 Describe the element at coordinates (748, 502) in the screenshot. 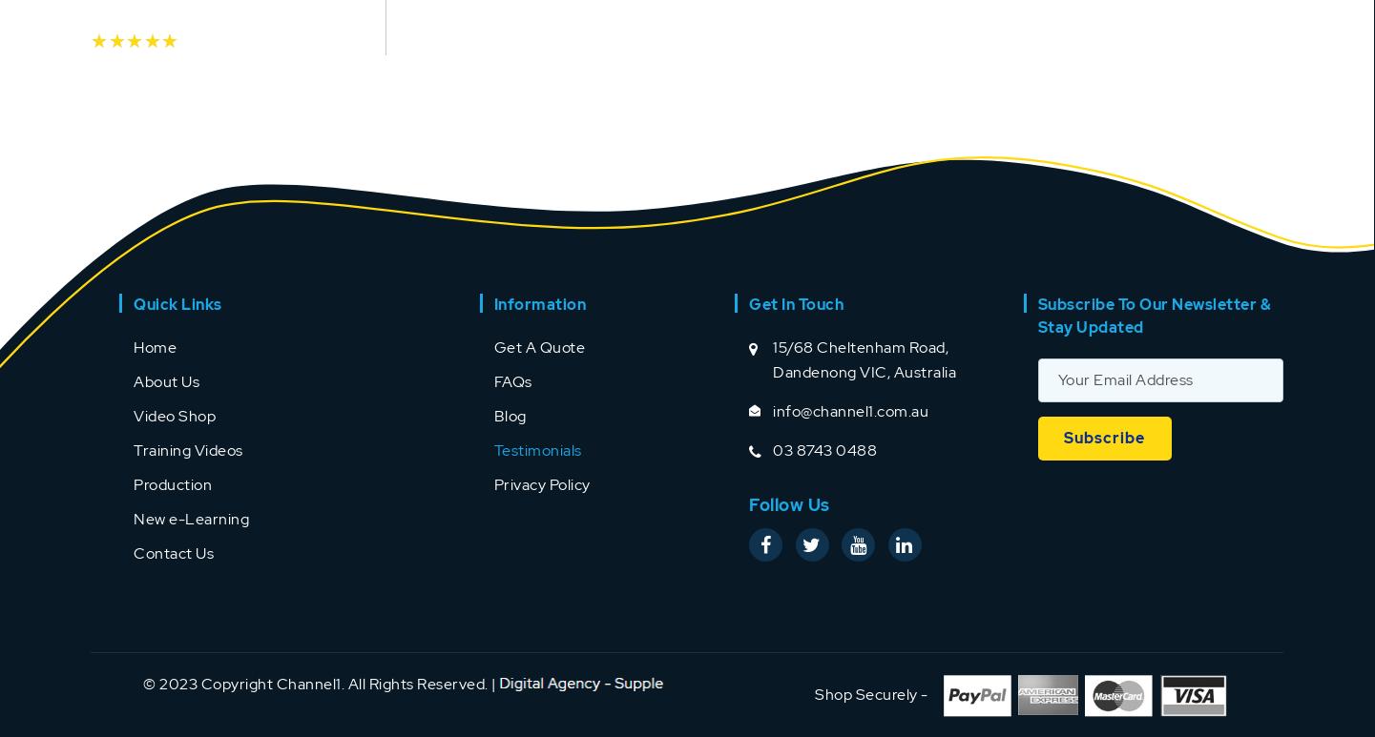

I see `'Follow Us'` at that location.